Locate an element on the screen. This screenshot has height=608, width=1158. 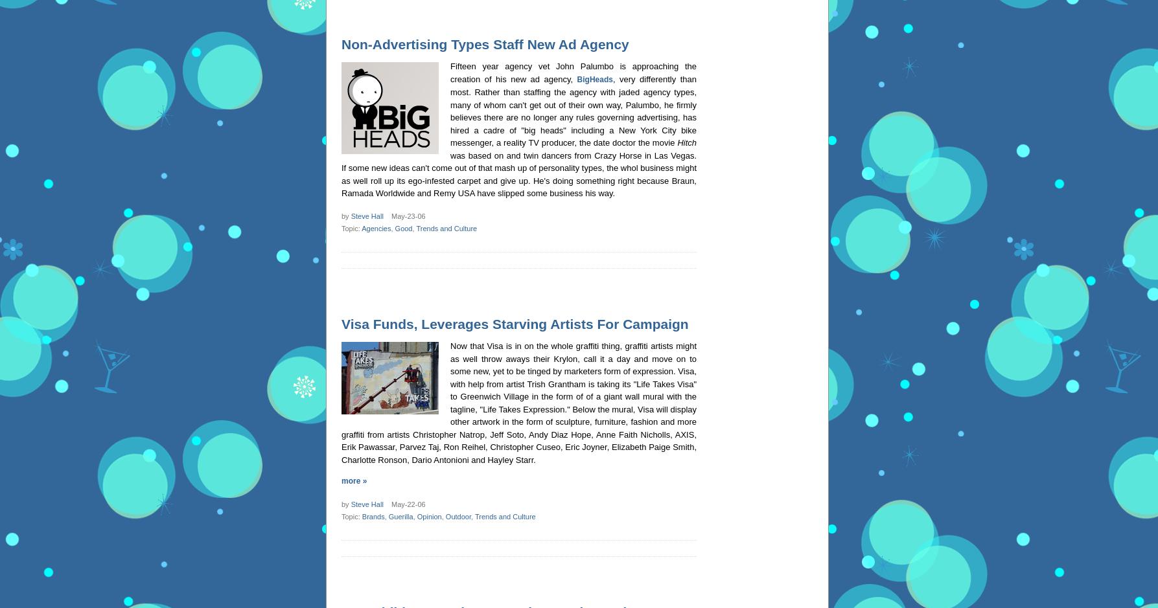
'more »' is located at coordinates (353, 481).